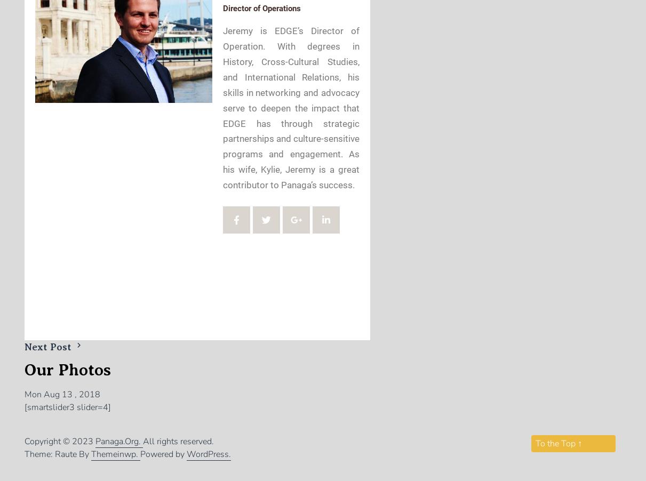 The image size is (646, 481). What do you see at coordinates (290, 107) in the screenshot?
I see `'Jeremy is EDGE’s Director of Operation. With degrees in History, Cross-Cultural Studies, and International Relations, his skills in networking and advocacy serve to deepen the impact that EDGE has through strategic partnerships and culture-sensitive programs and engagement. As his wife, Kylie, Jeremy is a great contributor to Panaga’s success.'` at bounding box center [290, 107].